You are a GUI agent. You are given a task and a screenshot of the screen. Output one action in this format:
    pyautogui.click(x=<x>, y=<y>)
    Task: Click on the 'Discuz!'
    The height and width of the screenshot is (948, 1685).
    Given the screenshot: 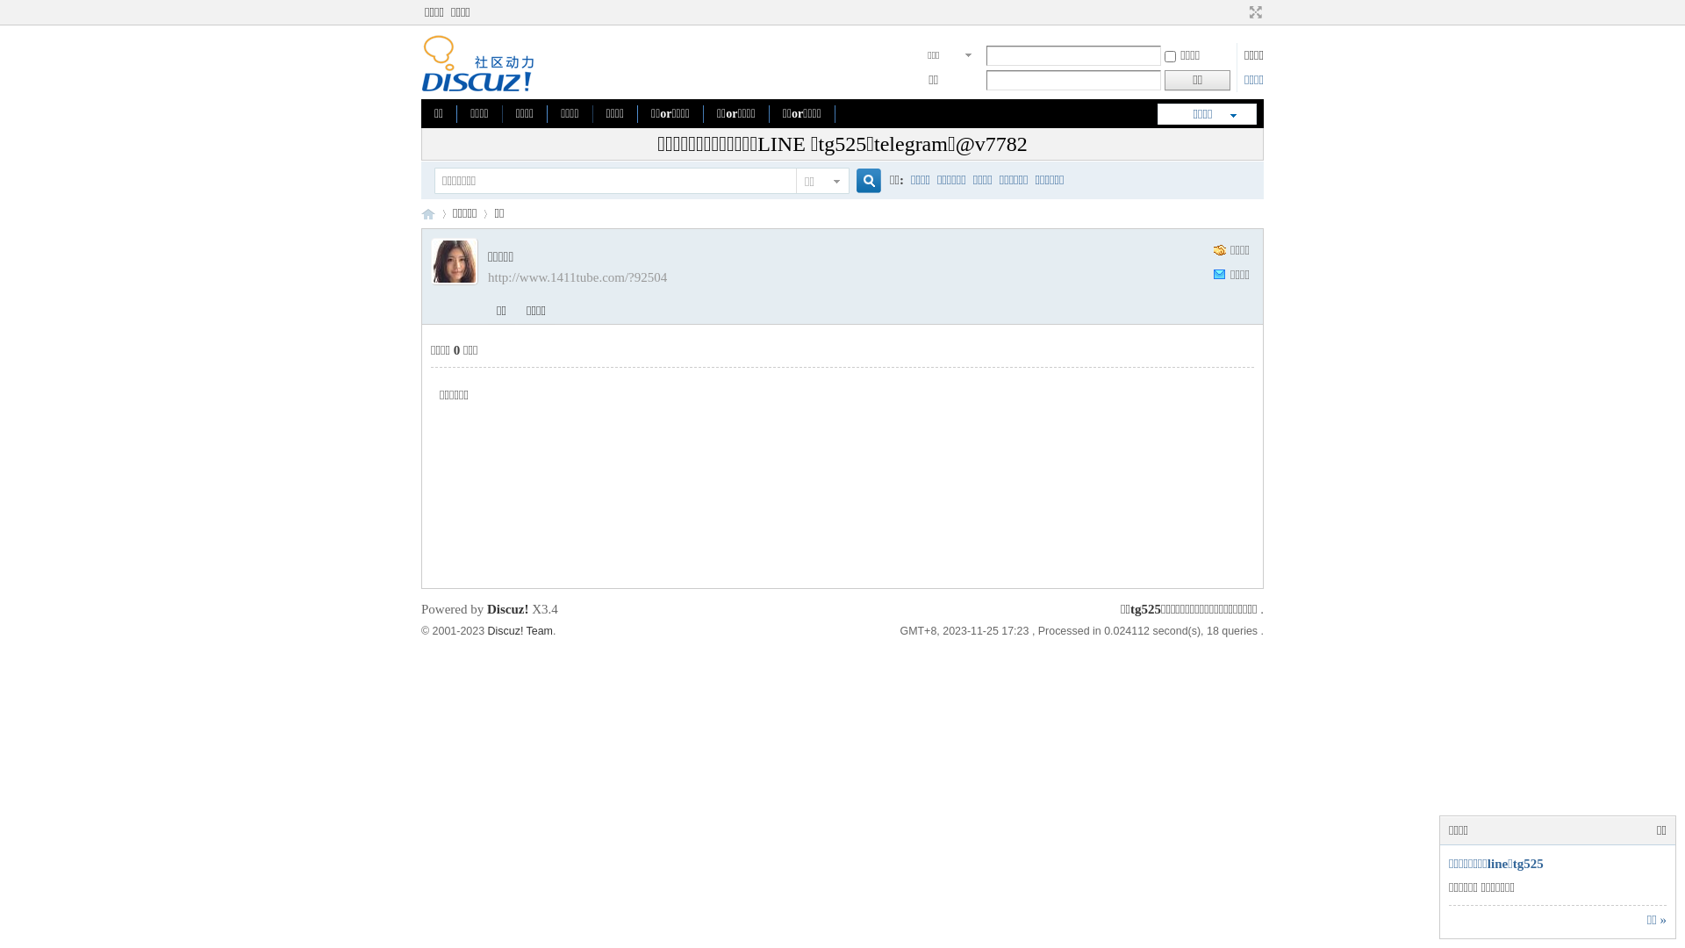 What is the action you would take?
    pyautogui.click(x=507, y=608)
    